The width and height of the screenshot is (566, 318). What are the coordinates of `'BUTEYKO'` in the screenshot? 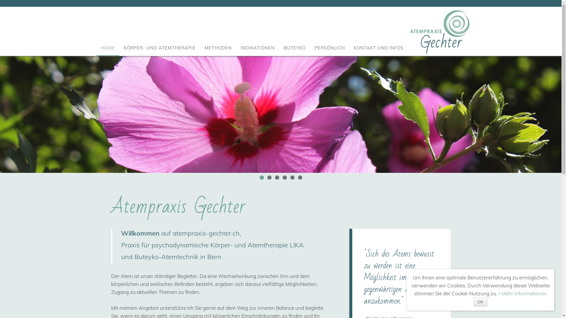 It's located at (283, 47).